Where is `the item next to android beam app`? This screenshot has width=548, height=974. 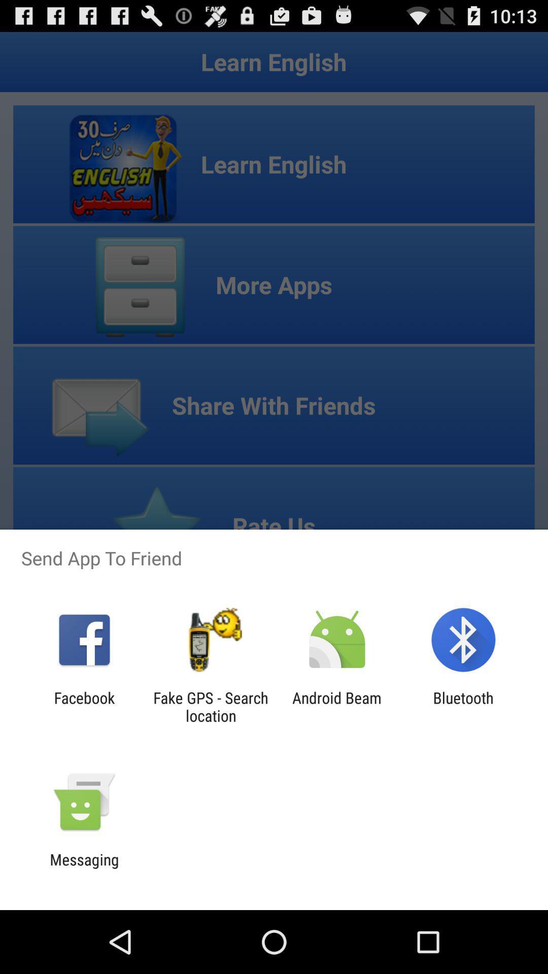 the item next to android beam app is located at coordinates (463, 706).